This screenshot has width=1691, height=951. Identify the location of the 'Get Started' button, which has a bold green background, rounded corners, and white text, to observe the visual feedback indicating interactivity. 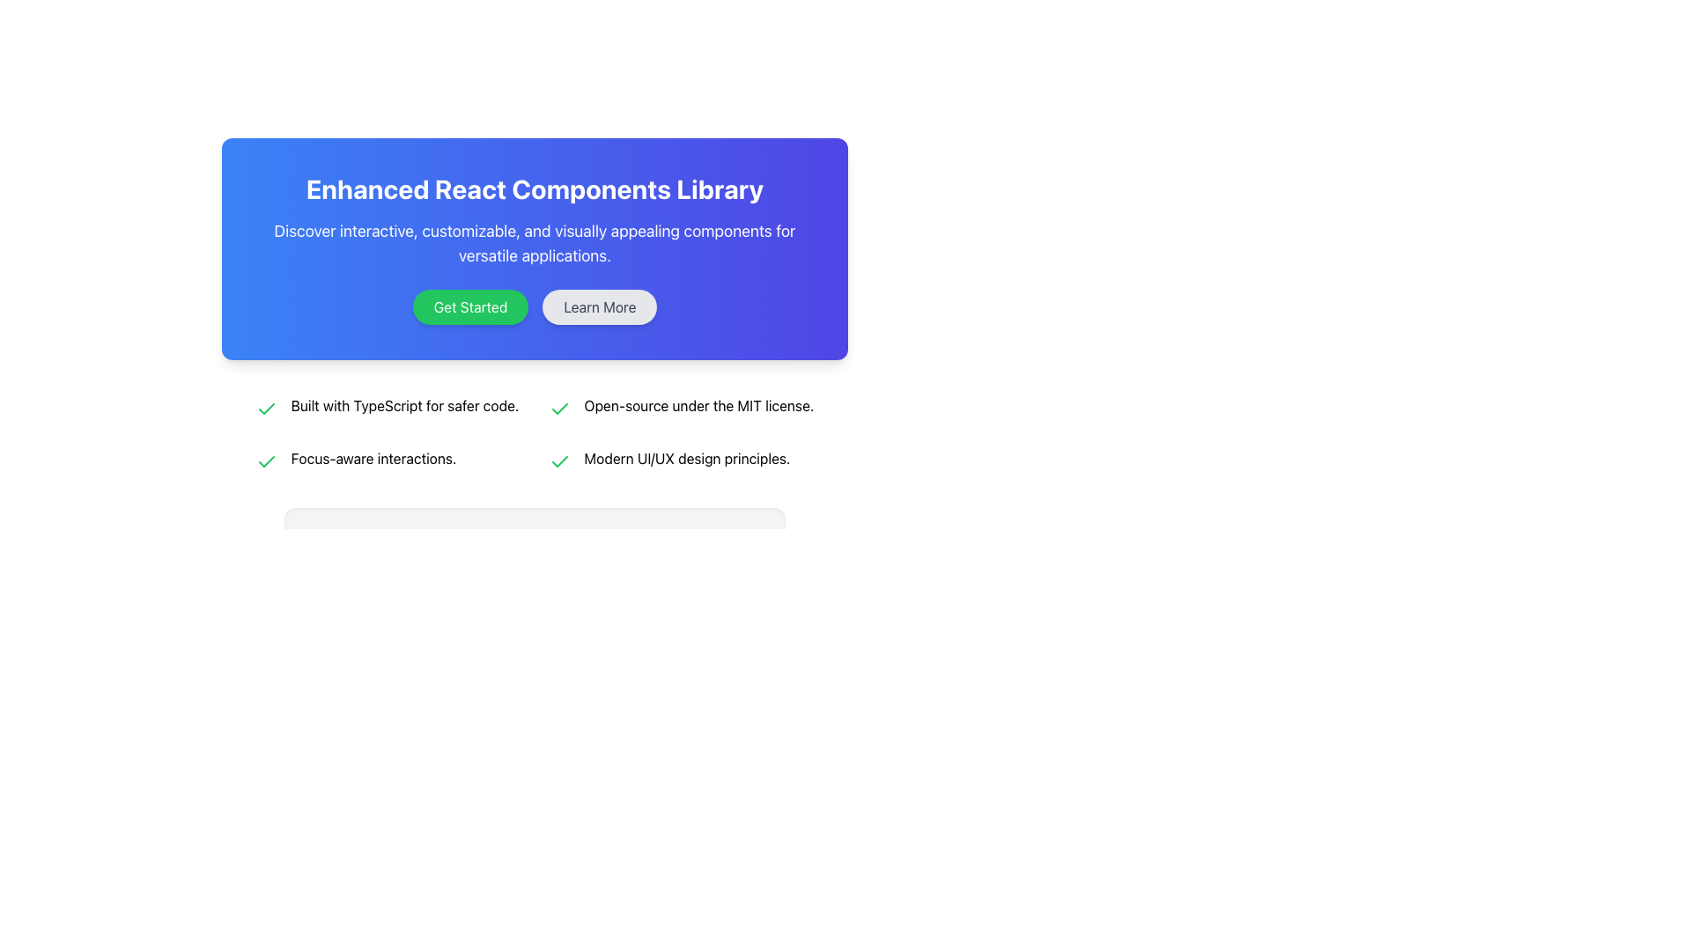
(470, 306).